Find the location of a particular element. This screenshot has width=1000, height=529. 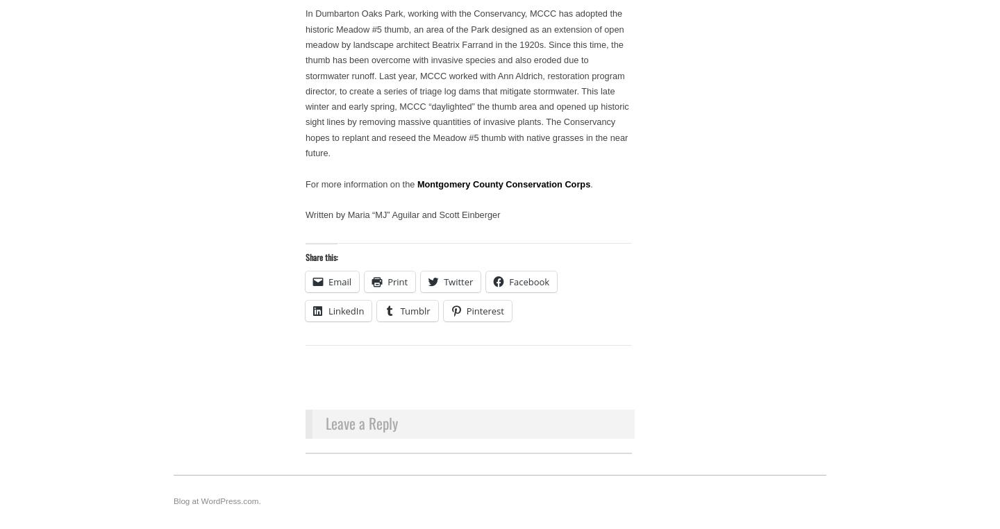

'For more information on the' is located at coordinates (360, 183).